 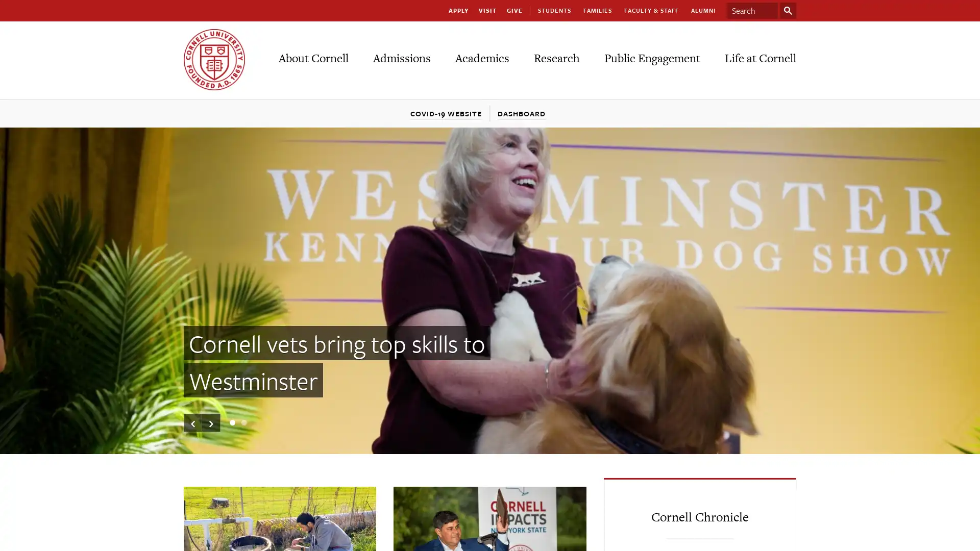 What do you see at coordinates (788, 10) in the screenshot?
I see `Search` at bounding box center [788, 10].